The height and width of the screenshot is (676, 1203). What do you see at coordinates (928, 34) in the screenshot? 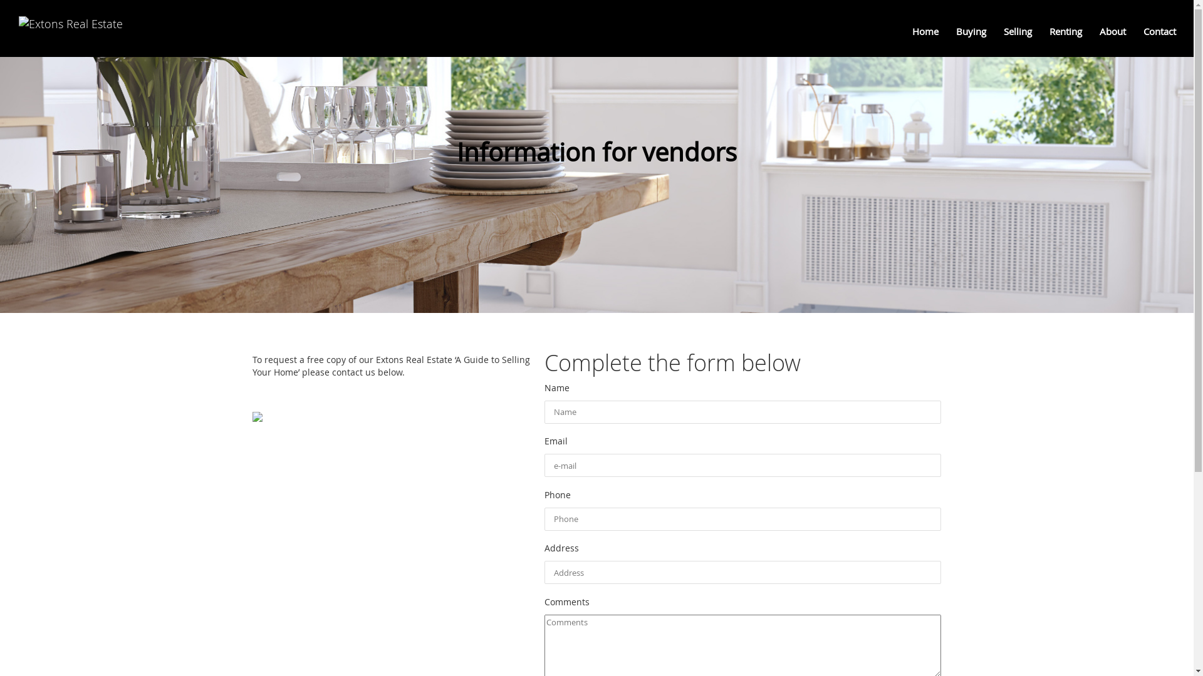
I see `'Home  '` at bounding box center [928, 34].